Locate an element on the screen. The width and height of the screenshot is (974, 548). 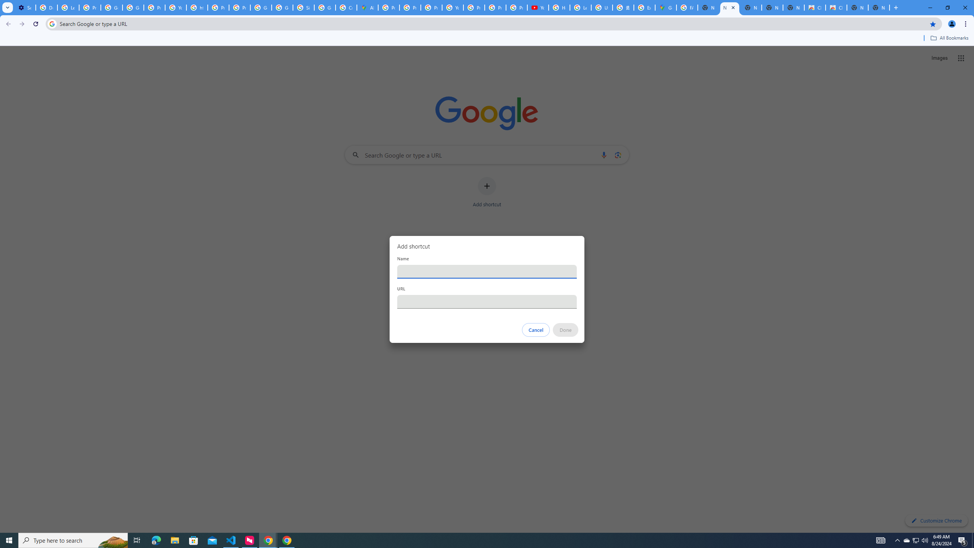
'How Chrome protects your passwords - Google Chrome Help' is located at coordinates (559, 7).